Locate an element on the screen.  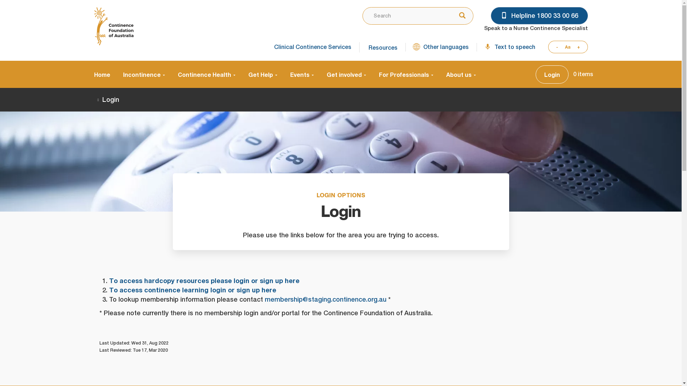
'Search' is located at coordinates (460, 16).